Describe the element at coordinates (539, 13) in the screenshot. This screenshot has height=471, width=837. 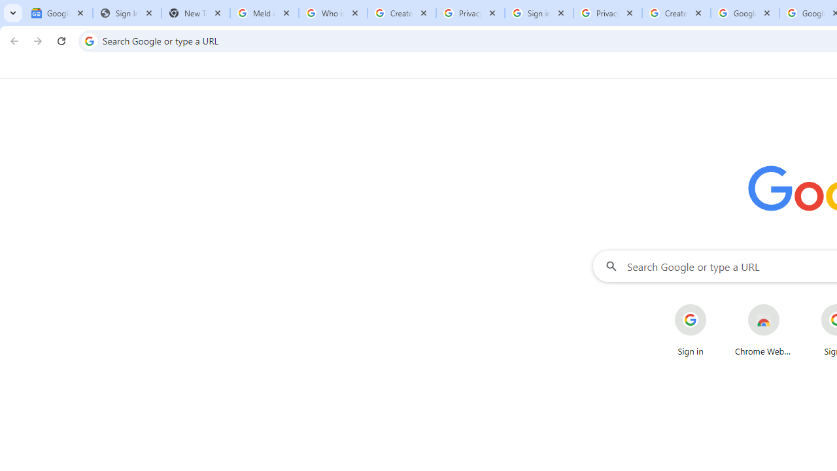
I see `'Sign in - Google Accounts'` at that location.